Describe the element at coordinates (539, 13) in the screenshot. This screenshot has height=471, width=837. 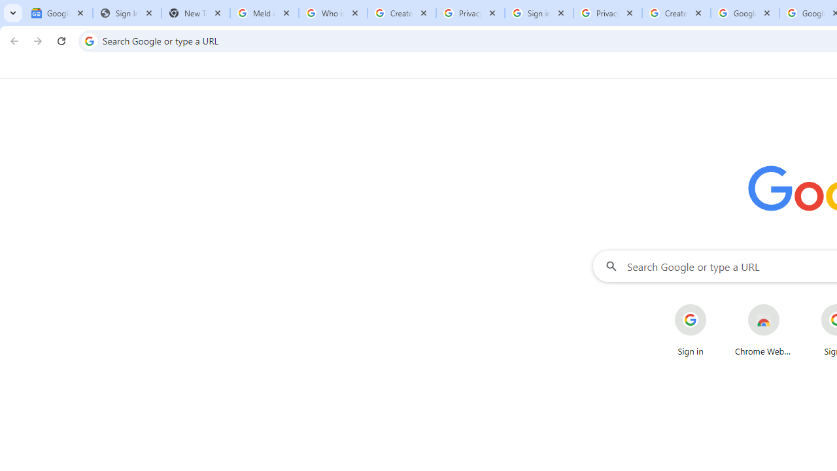
I see `'Sign in - Google Accounts'` at that location.